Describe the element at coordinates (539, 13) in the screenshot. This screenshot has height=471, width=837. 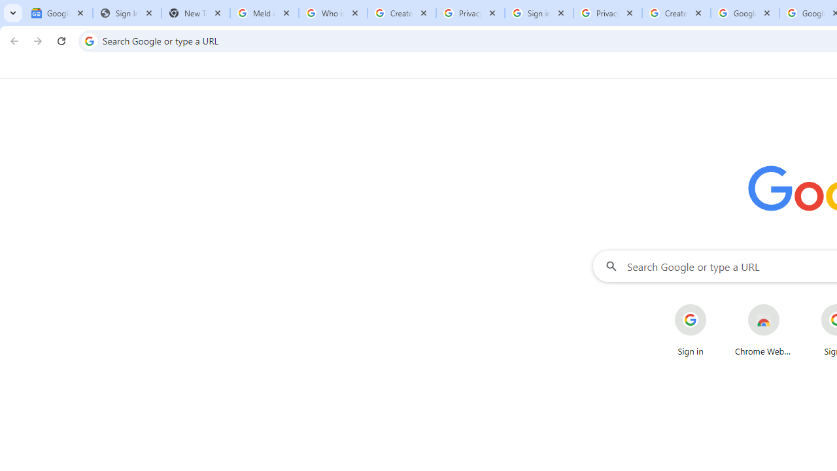
I see `'Sign in - Google Accounts'` at that location.